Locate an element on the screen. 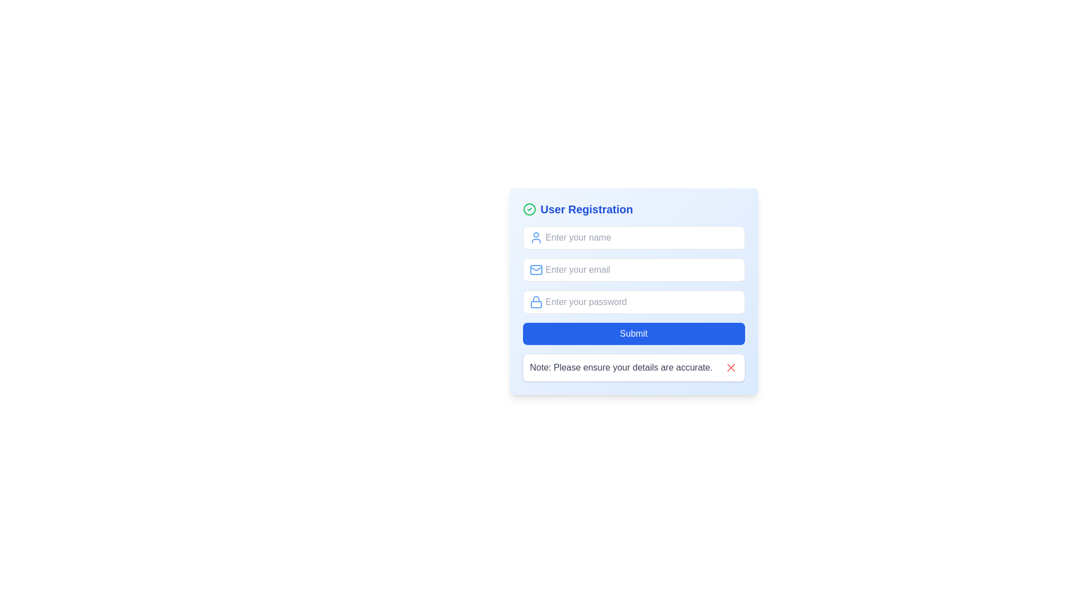  the password input field located below the email input field and above the blue 'Submit' button to focus it is located at coordinates (633, 291).